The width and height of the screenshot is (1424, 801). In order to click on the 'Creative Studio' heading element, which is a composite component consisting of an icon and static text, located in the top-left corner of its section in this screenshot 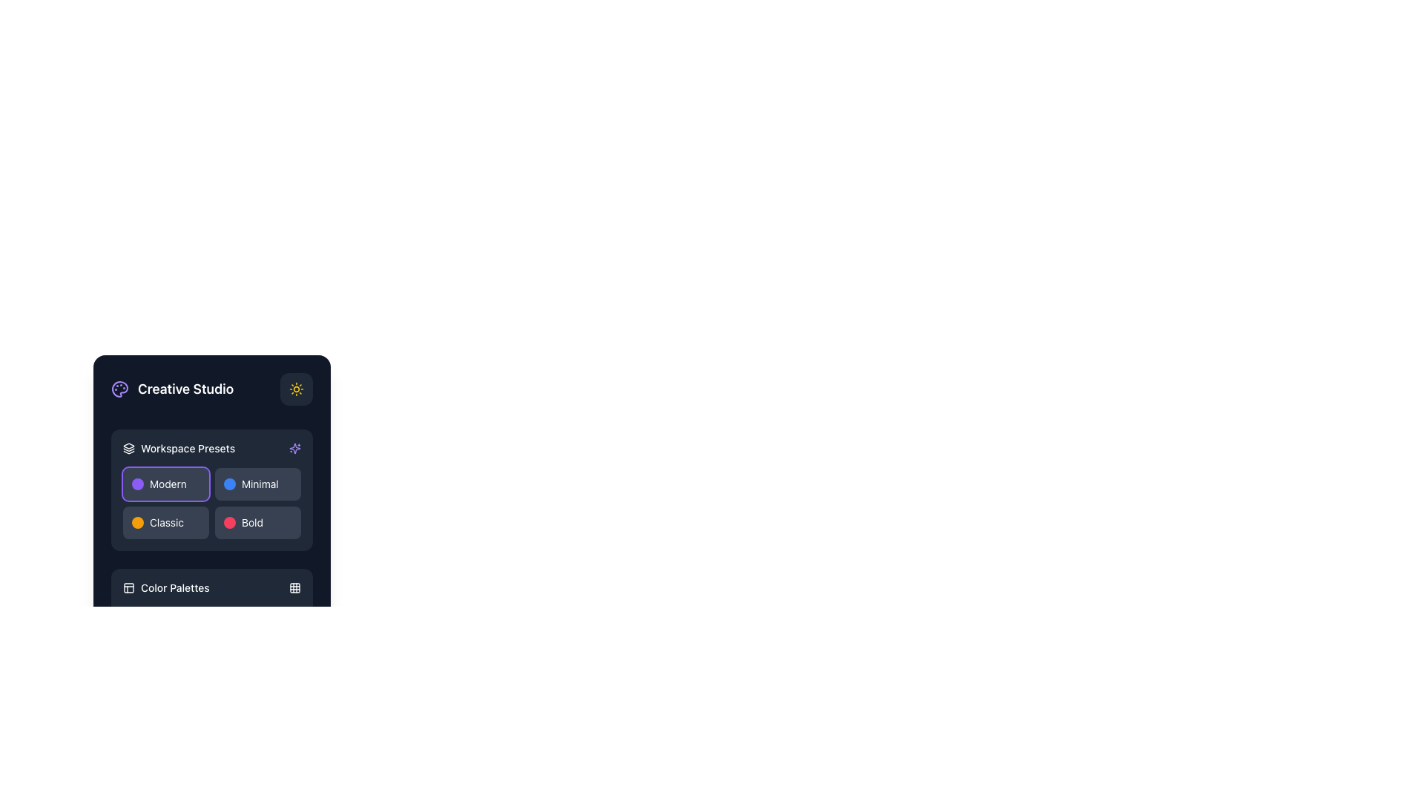, I will do `click(172, 388)`.